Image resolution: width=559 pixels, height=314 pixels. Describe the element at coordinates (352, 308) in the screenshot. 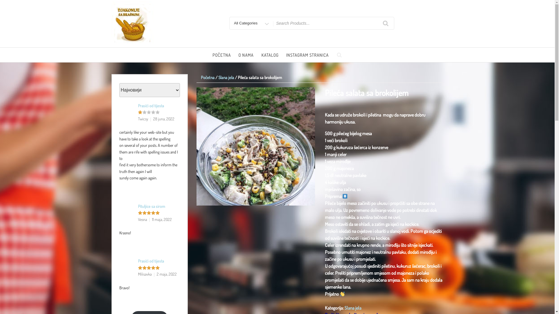

I see `'Slana jela'` at that location.